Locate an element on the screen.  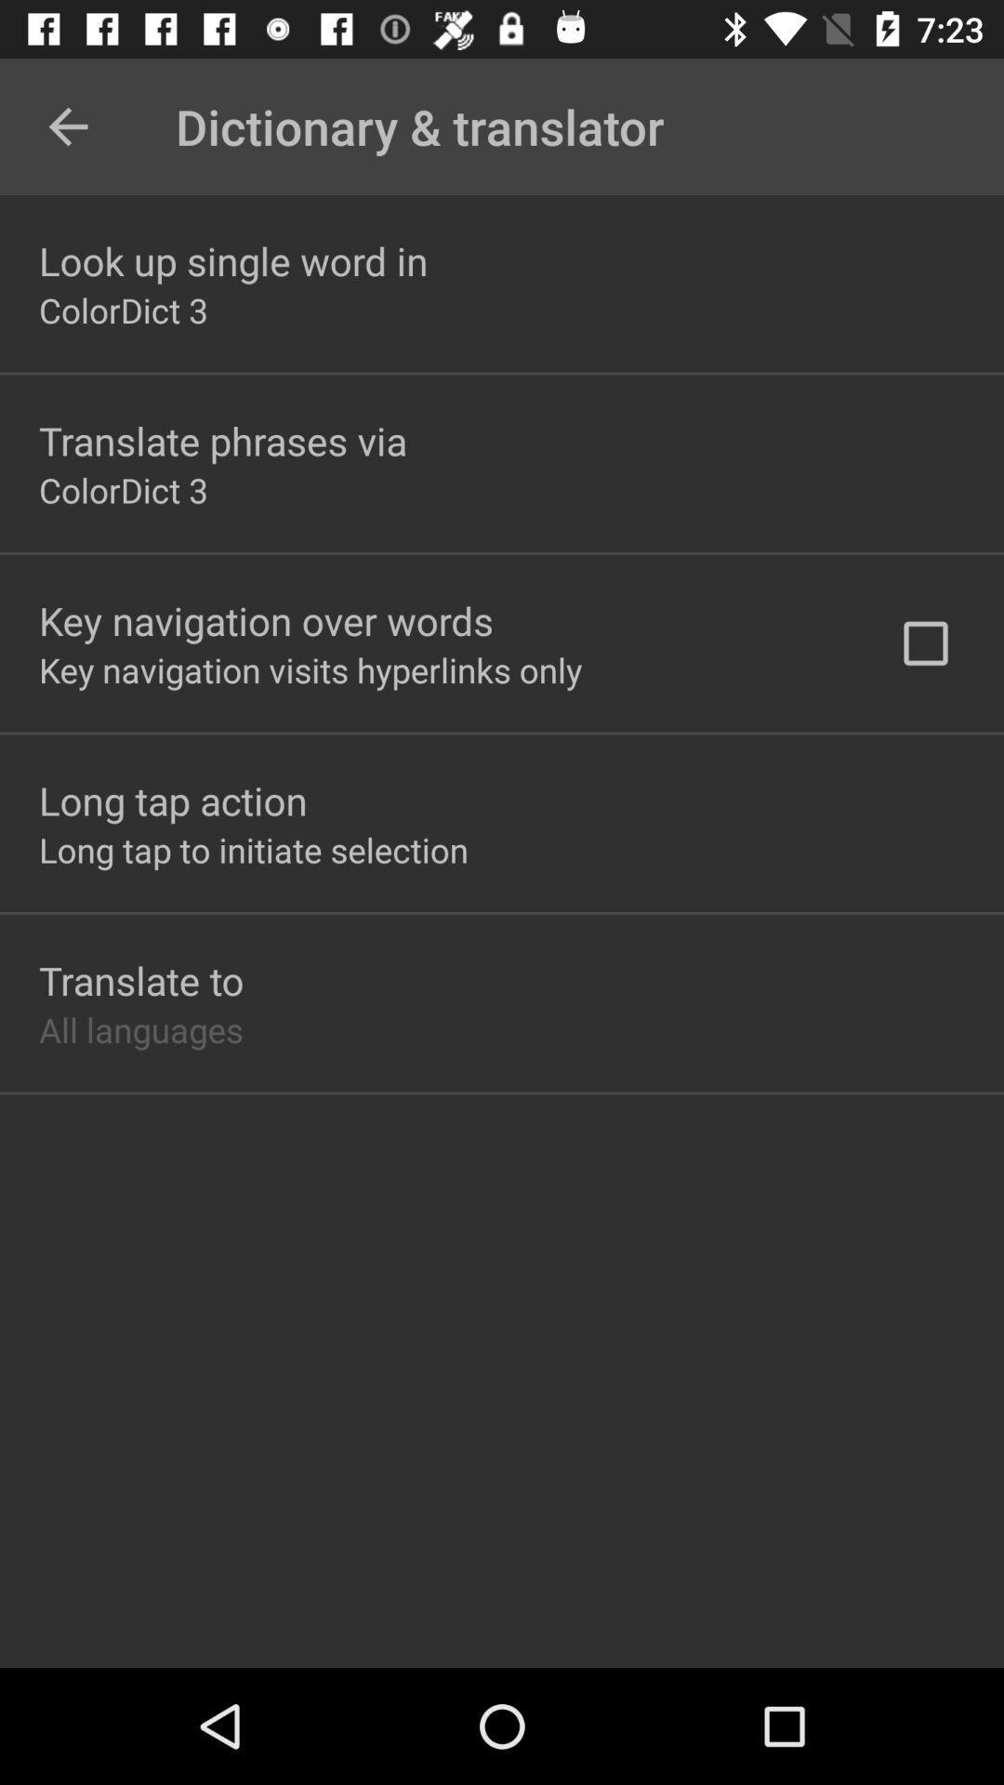
the item below the long tap to is located at coordinates (140, 979).